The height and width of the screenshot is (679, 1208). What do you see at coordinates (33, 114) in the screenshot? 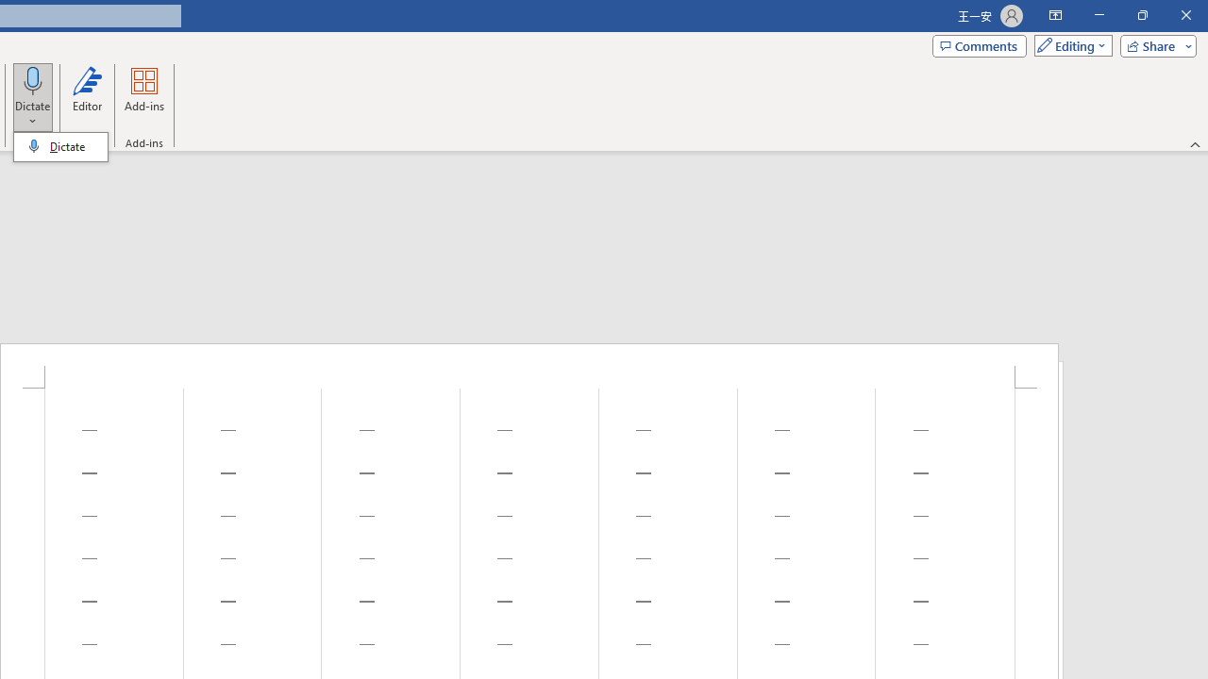
I see `'More Options'` at bounding box center [33, 114].